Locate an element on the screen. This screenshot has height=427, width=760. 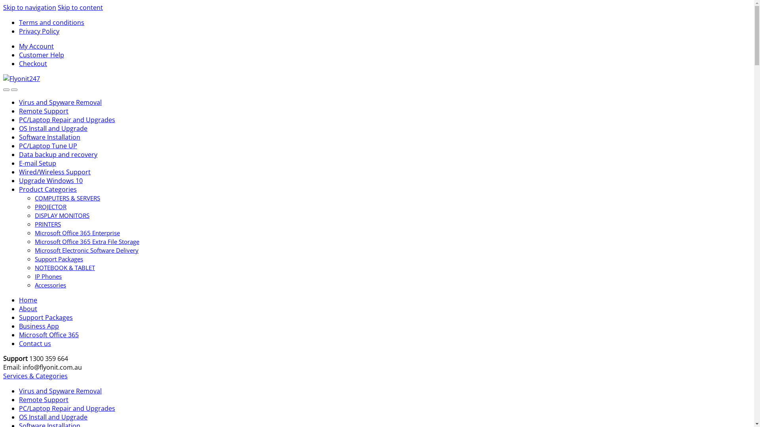
'PRINTERS' is located at coordinates (47, 224).